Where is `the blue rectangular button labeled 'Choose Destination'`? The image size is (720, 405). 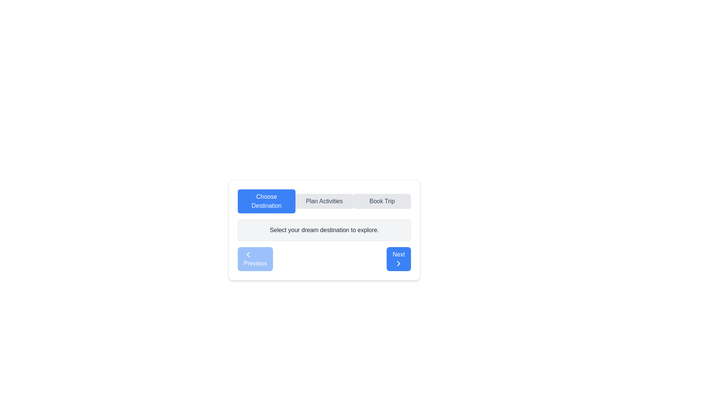 the blue rectangular button labeled 'Choose Destination' is located at coordinates (266, 201).